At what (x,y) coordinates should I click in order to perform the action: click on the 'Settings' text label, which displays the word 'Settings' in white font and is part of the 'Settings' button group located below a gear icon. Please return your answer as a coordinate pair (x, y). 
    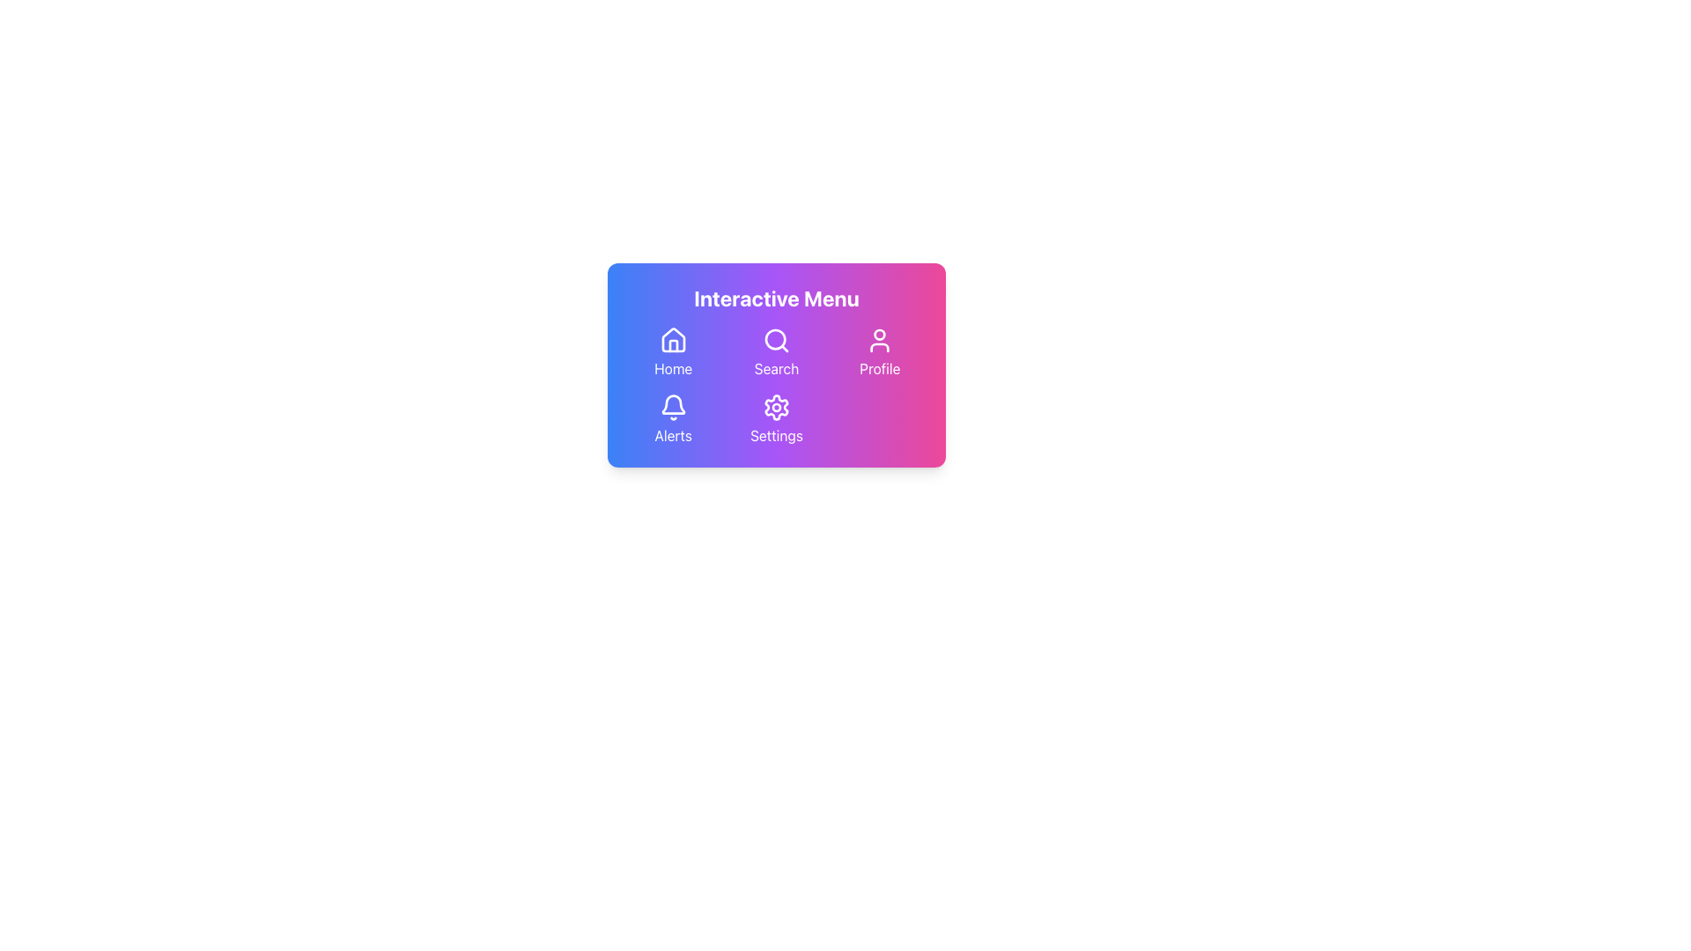
    Looking at the image, I should click on (776, 435).